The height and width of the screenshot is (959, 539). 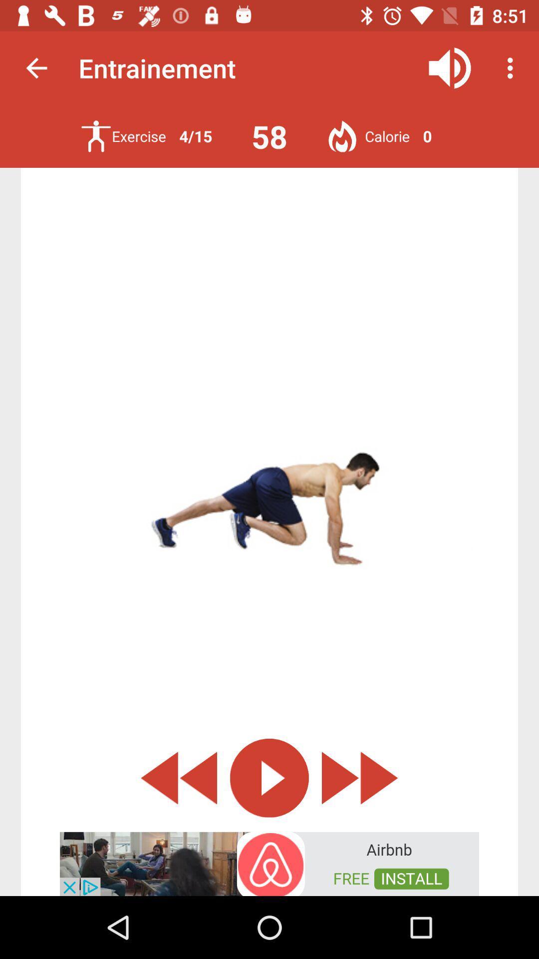 What do you see at coordinates (96, 136) in the screenshot?
I see `do exercise` at bounding box center [96, 136].